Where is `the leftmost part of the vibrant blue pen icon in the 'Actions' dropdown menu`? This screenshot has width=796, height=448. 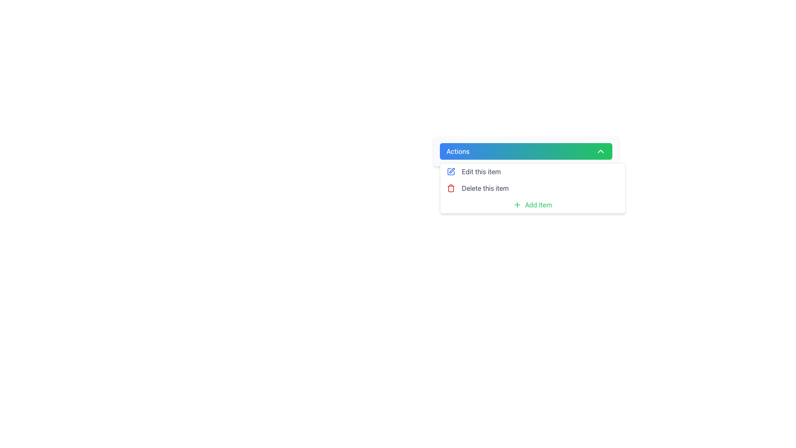
the leftmost part of the vibrant blue pen icon in the 'Actions' dropdown menu is located at coordinates (451, 171).